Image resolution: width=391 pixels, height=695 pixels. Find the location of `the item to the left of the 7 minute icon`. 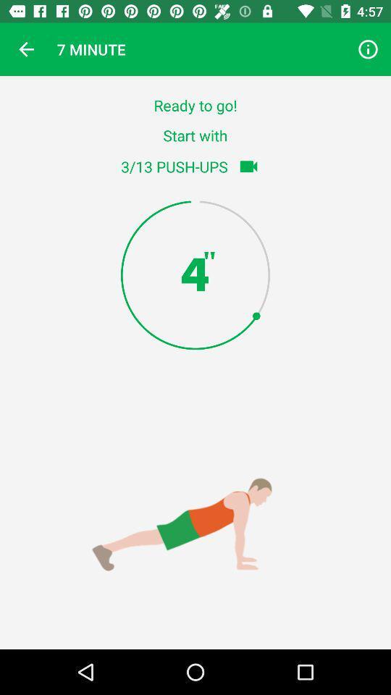

the item to the left of the 7 minute icon is located at coordinates (26, 49).